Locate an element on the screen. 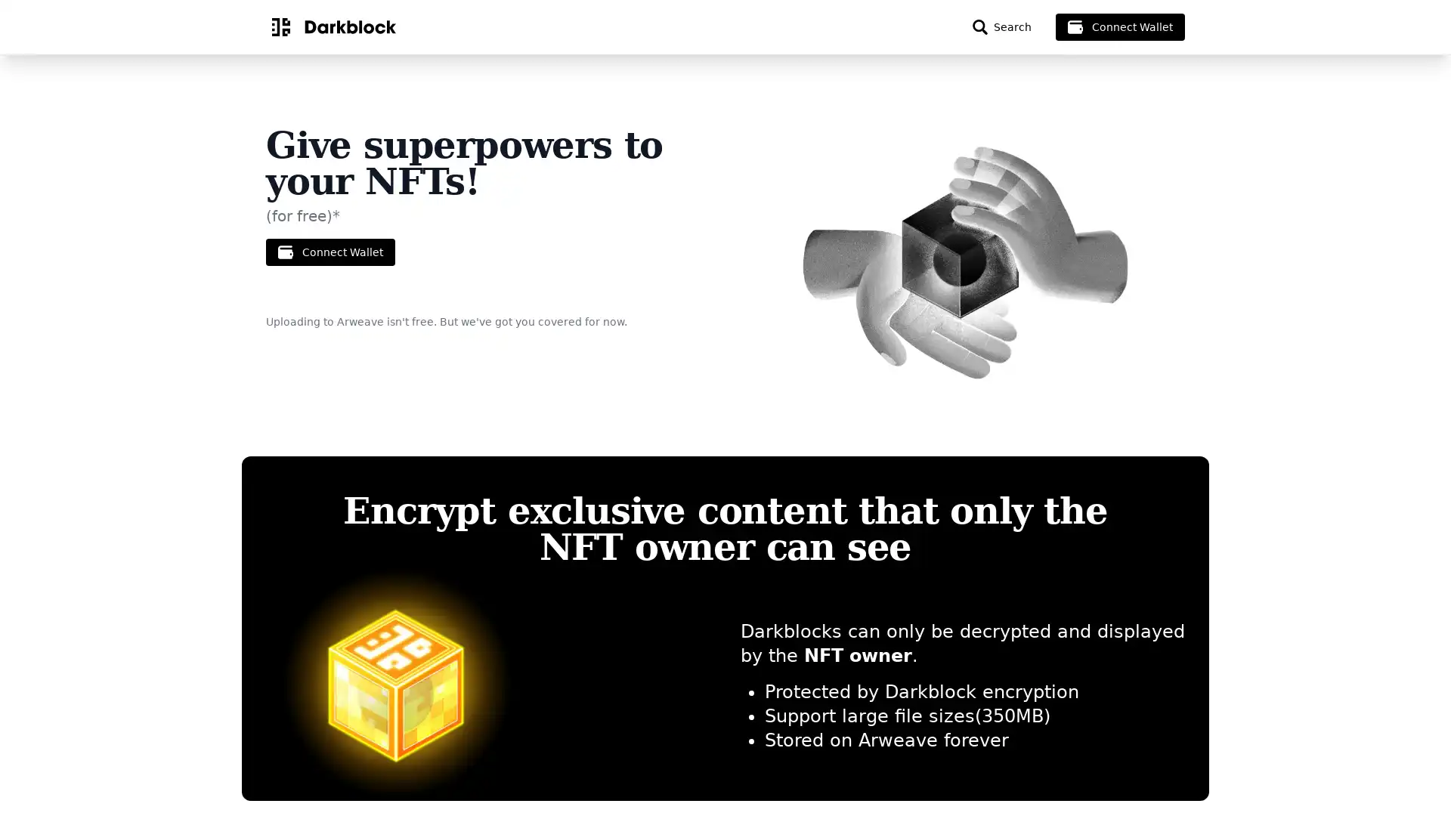 This screenshot has width=1451, height=816. Wallet Connect Wallet is located at coordinates (329, 252).